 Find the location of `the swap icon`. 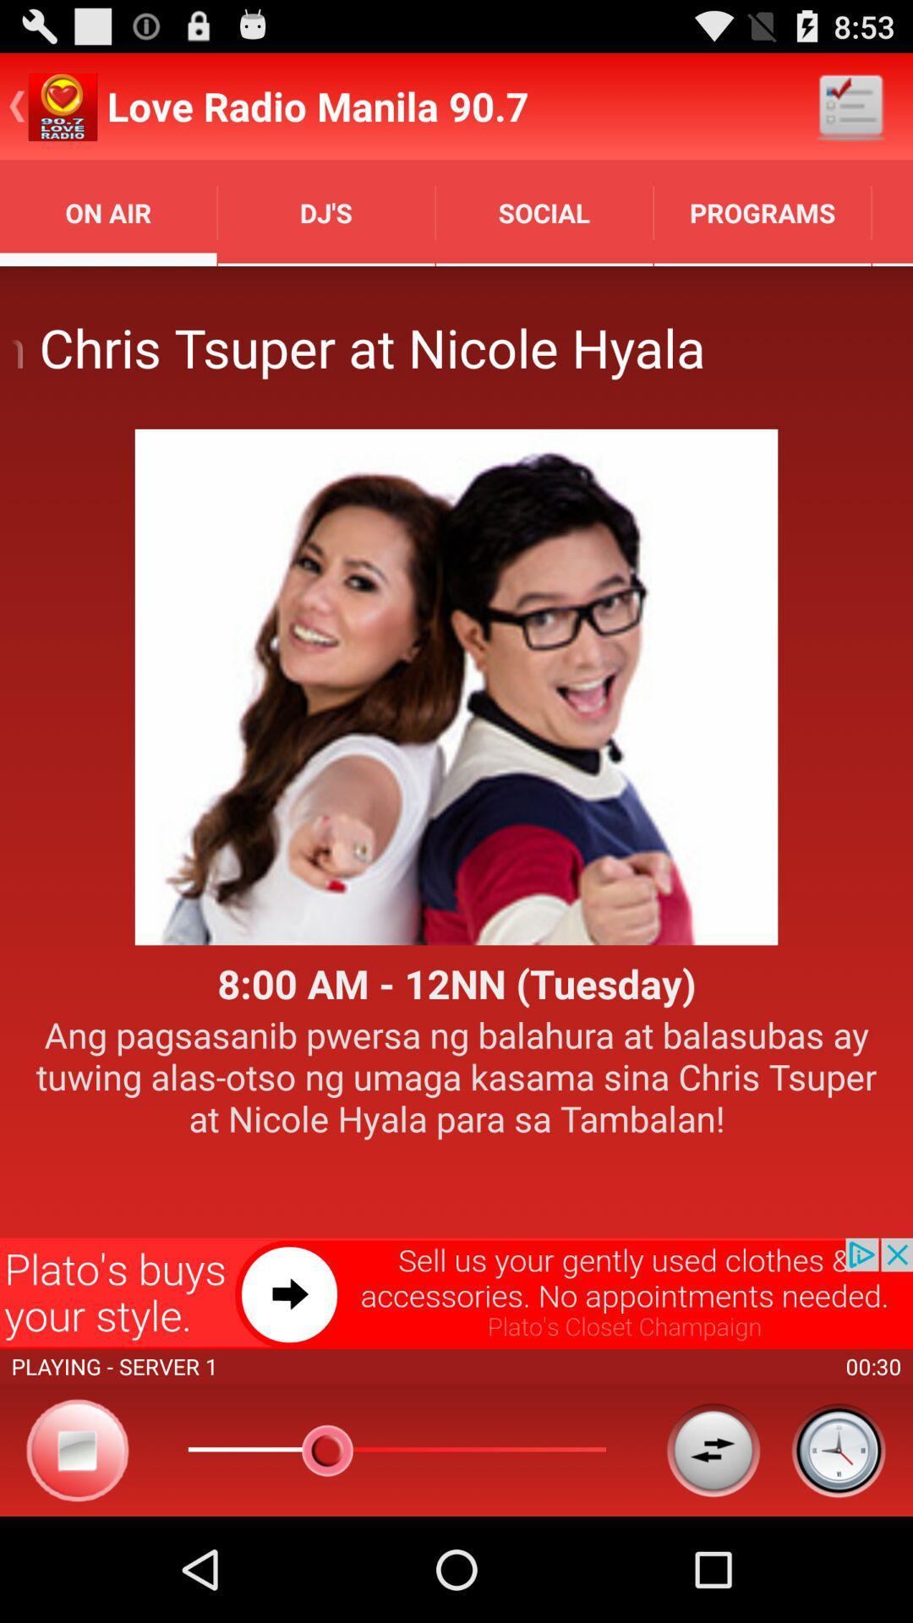

the swap icon is located at coordinates (713, 1551).